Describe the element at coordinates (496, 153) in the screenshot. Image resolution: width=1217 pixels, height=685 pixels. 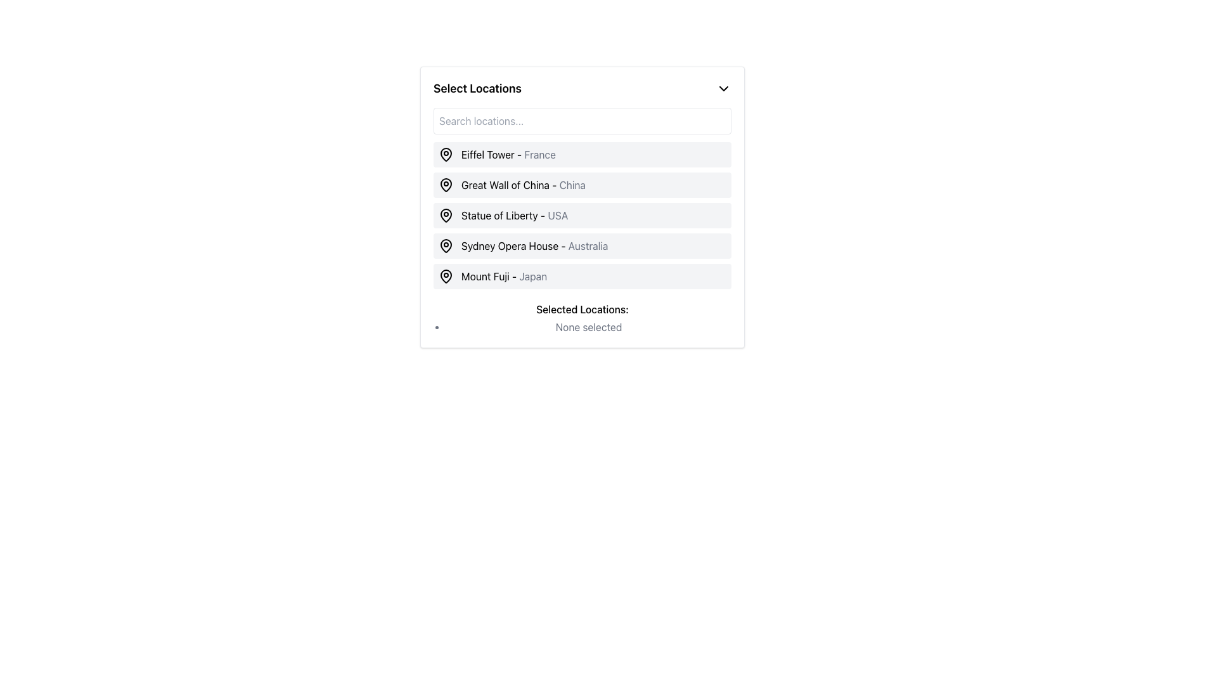
I see `the first selectable location option in the list under the 'Select Locations' heading` at that location.